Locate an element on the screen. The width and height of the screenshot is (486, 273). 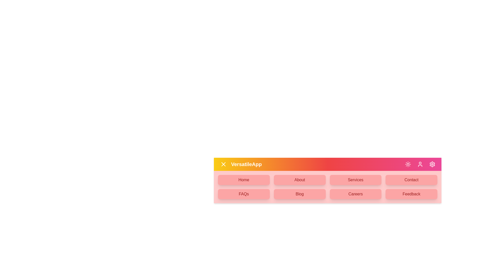
the menu item Feedback from the available options is located at coordinates (411, 194).